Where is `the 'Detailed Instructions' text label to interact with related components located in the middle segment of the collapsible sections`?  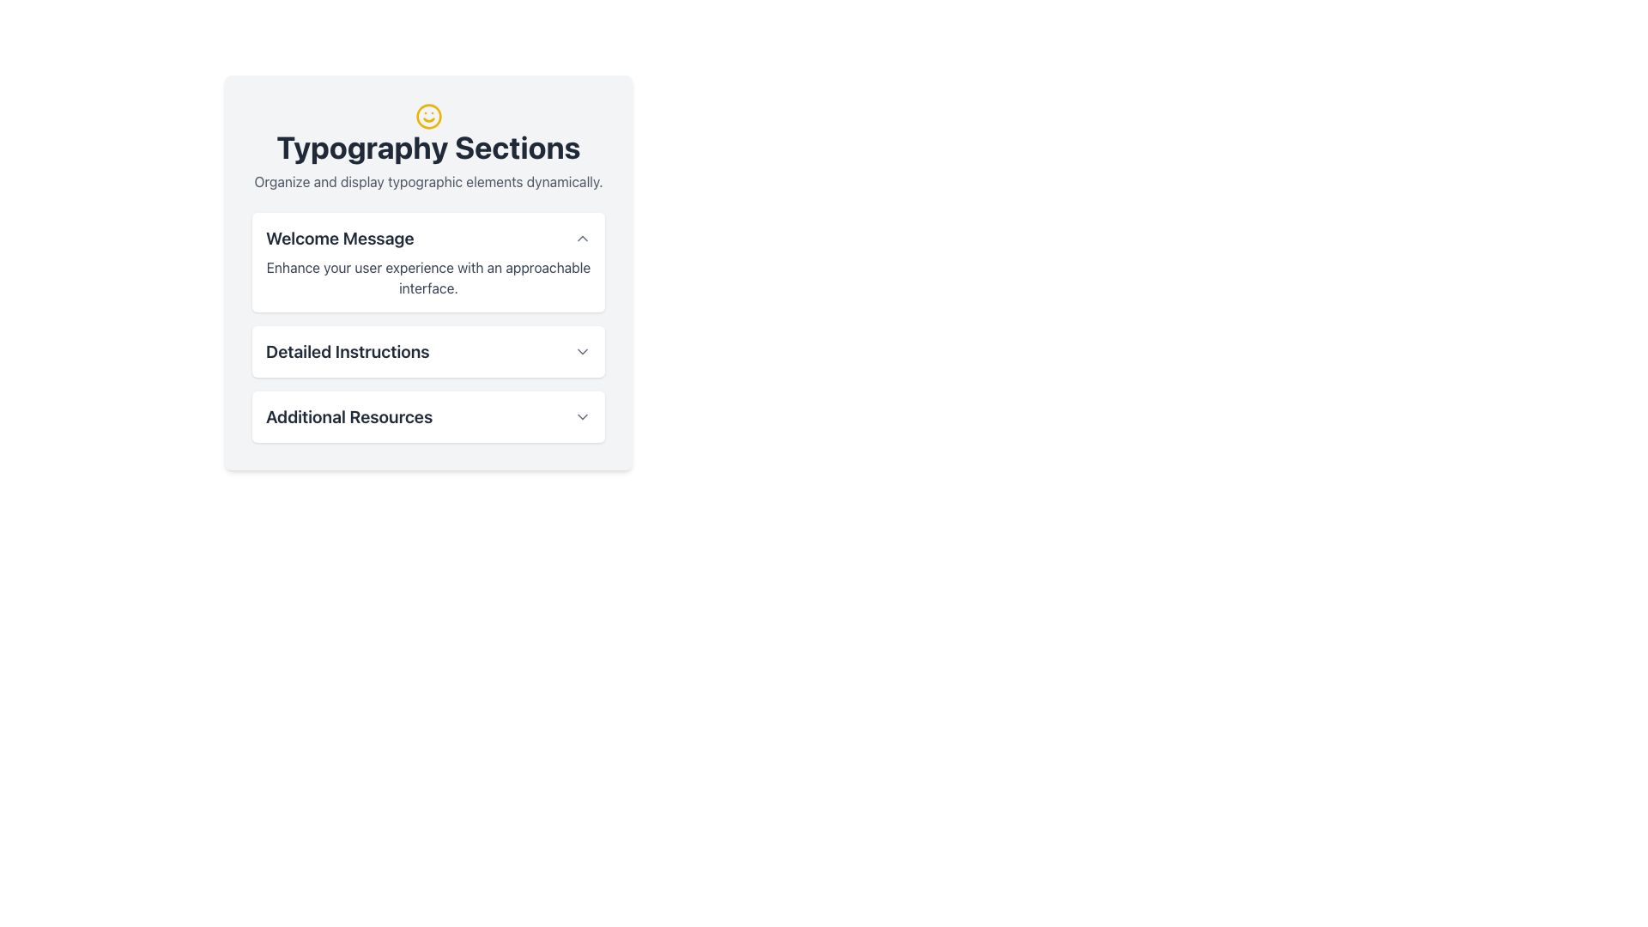
the 'Detailed Instructions' text label to interact with related components located in the middle segment of the collapsible sections is located at coordinates (347, 350).